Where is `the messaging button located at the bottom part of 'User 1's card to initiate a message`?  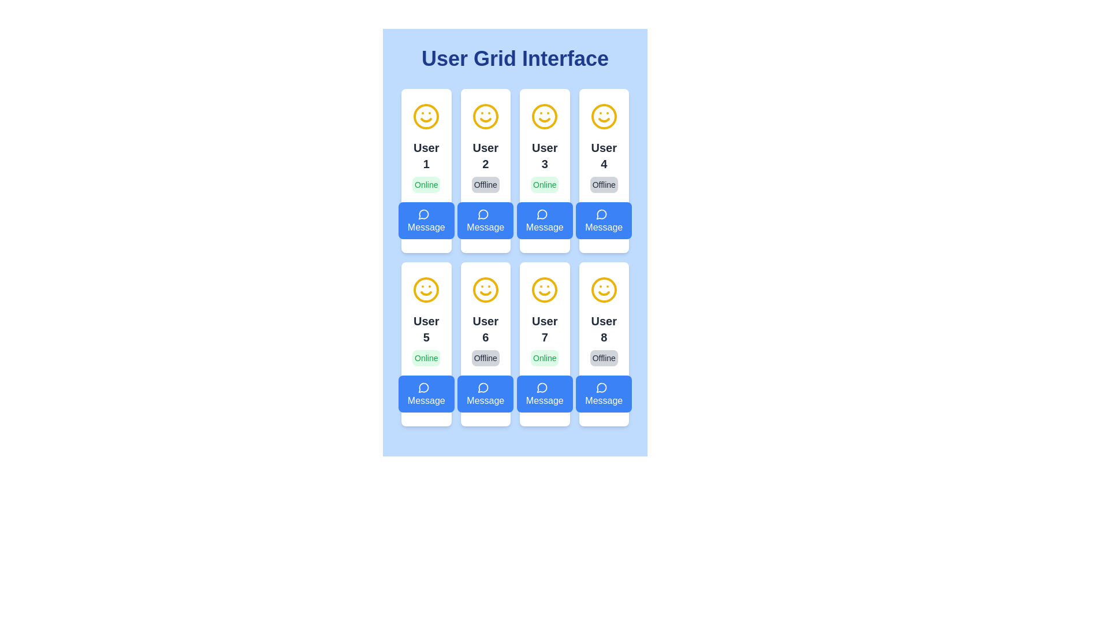 the messaging button located at the bottom part of 'User 1's card to initiate a message is located at coordinates (426, 220).